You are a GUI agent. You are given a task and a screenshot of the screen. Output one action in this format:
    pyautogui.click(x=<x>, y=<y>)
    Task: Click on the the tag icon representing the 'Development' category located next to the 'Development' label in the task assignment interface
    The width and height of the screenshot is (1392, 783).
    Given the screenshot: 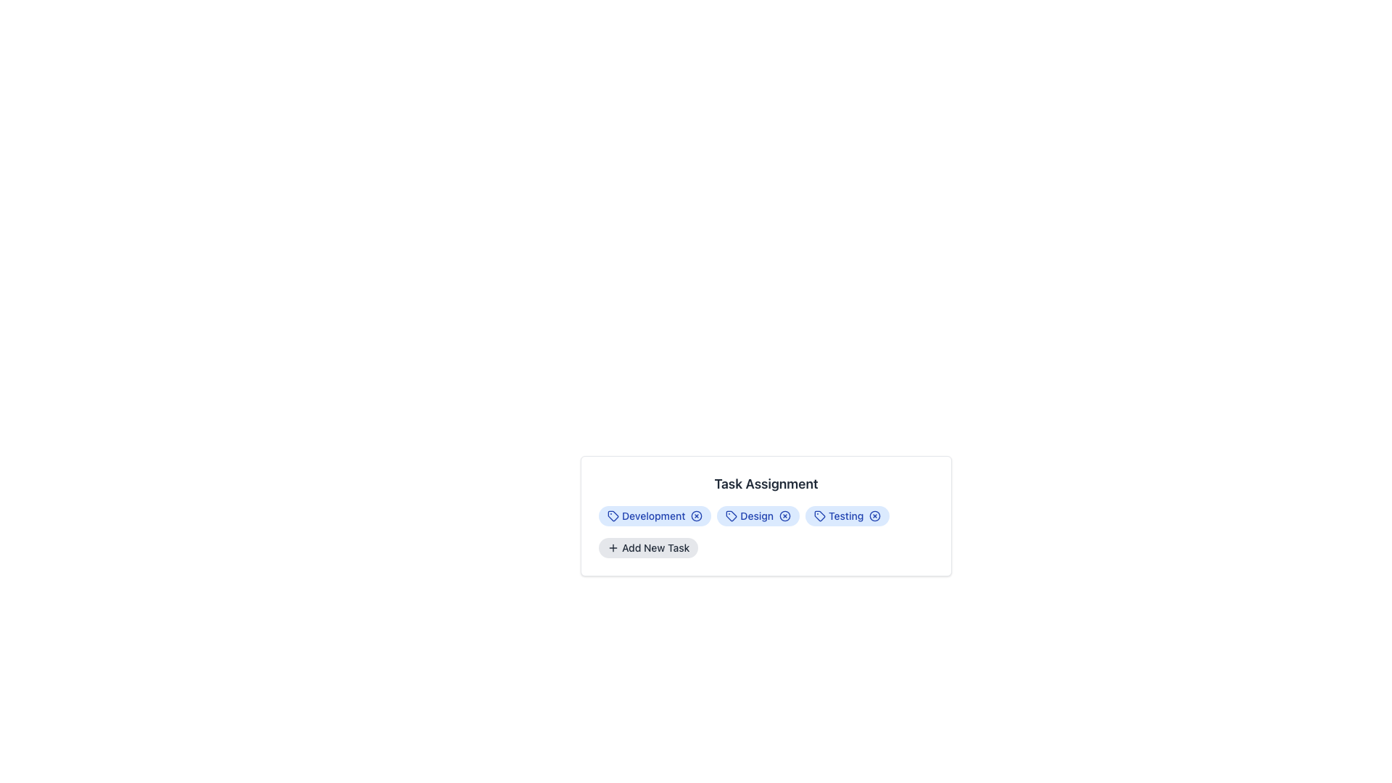 What is the action you would take?
    pyautogui.click(x=613, y=515)
    